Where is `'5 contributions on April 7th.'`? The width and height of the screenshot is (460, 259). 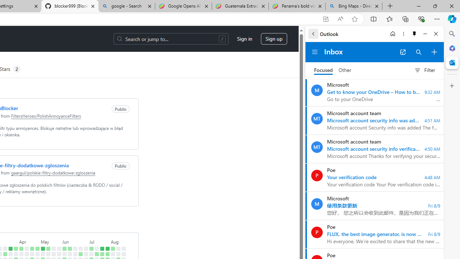 '5 contributions on April 7th.' is located at coordinates (21, 248).